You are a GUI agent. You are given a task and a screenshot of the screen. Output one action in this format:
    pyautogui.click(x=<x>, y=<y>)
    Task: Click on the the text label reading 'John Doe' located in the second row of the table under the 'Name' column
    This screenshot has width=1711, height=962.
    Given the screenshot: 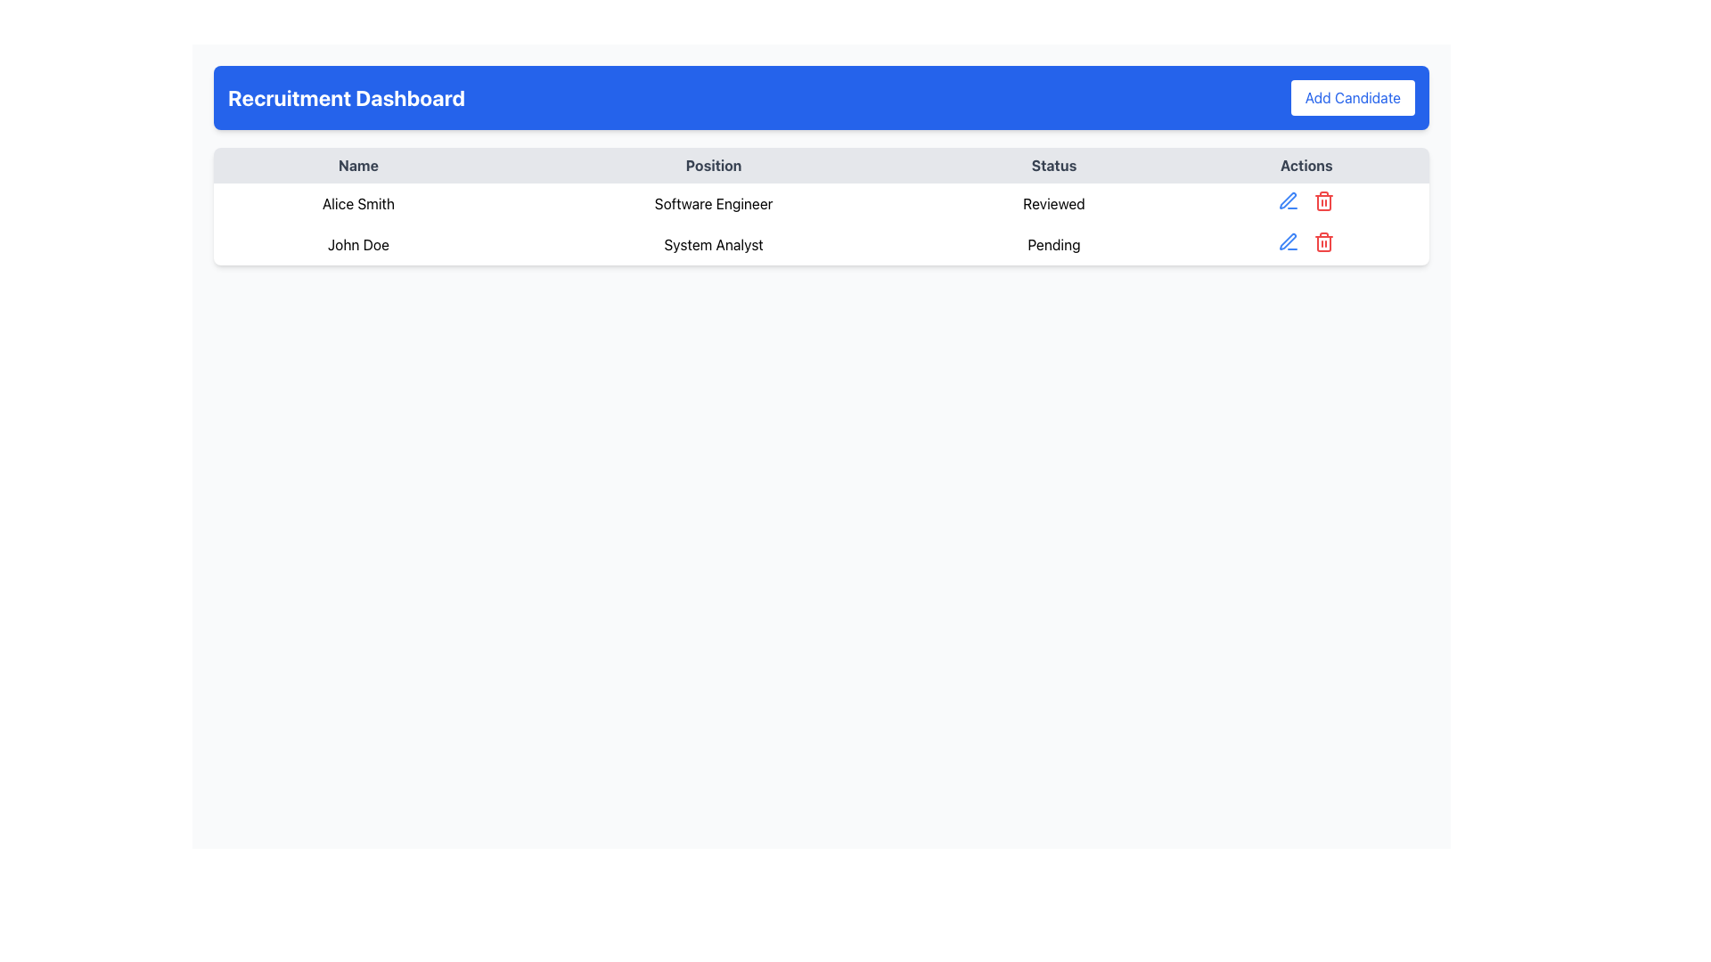 What is the action you would take?
    pyautogui.click(x=357, y=244)
    